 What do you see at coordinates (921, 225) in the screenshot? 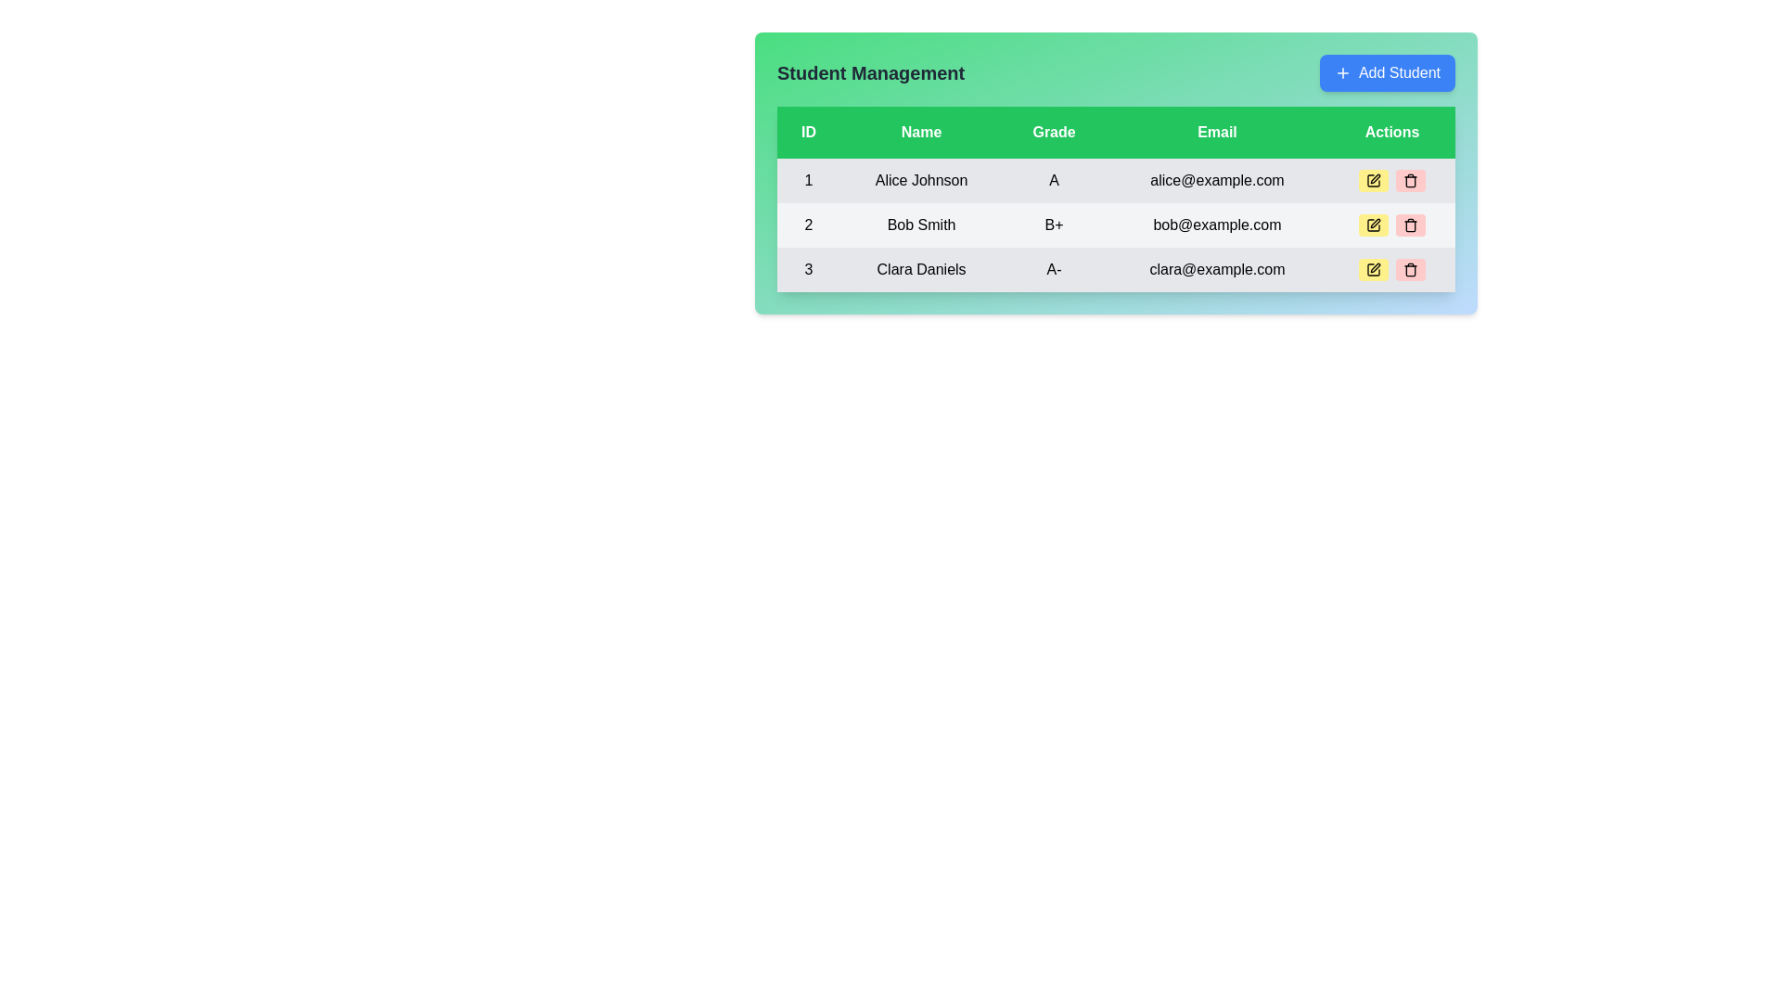
I see `the text label displaying 'Bob Smith', which is the second item in the 'Name' column of the table` at bounding box center [921, 225].